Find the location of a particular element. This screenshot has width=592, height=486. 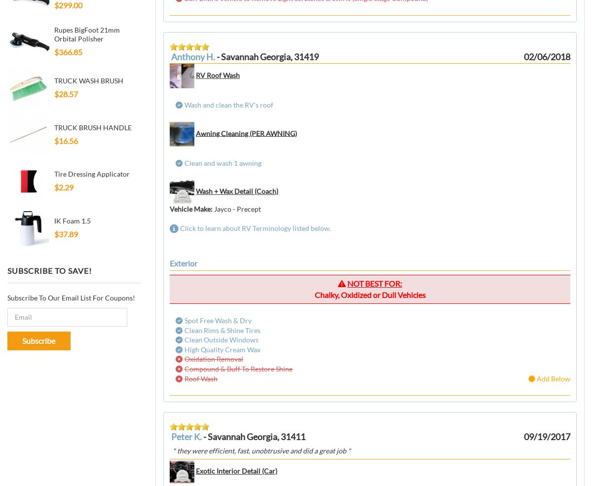

'Rupes BigFoot 21mm Orbital Polisher' is located at coordinates (86, 33).